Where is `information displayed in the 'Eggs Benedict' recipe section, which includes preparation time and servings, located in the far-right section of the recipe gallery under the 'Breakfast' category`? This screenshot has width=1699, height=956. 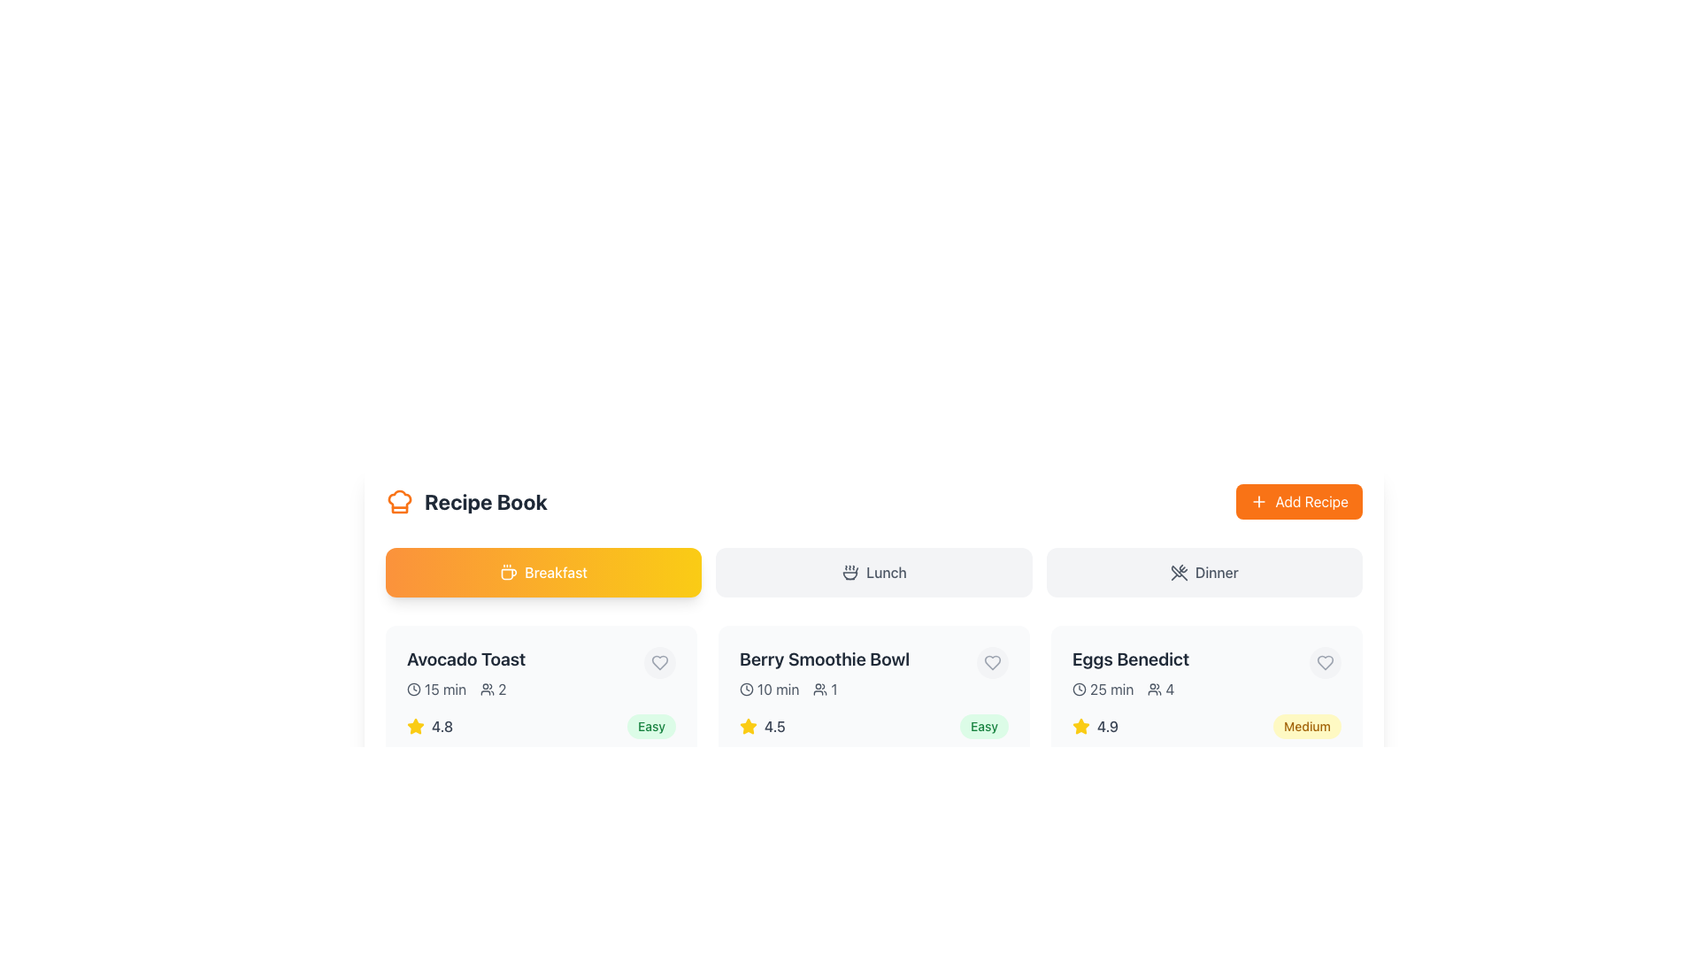 information displayed in the 'Eggs Benedict' recipe section, which includes preparation time and servings, located in the far-right section of the recipe gallery under the 'Breakfast' category is located at coordinates (1130, 673).